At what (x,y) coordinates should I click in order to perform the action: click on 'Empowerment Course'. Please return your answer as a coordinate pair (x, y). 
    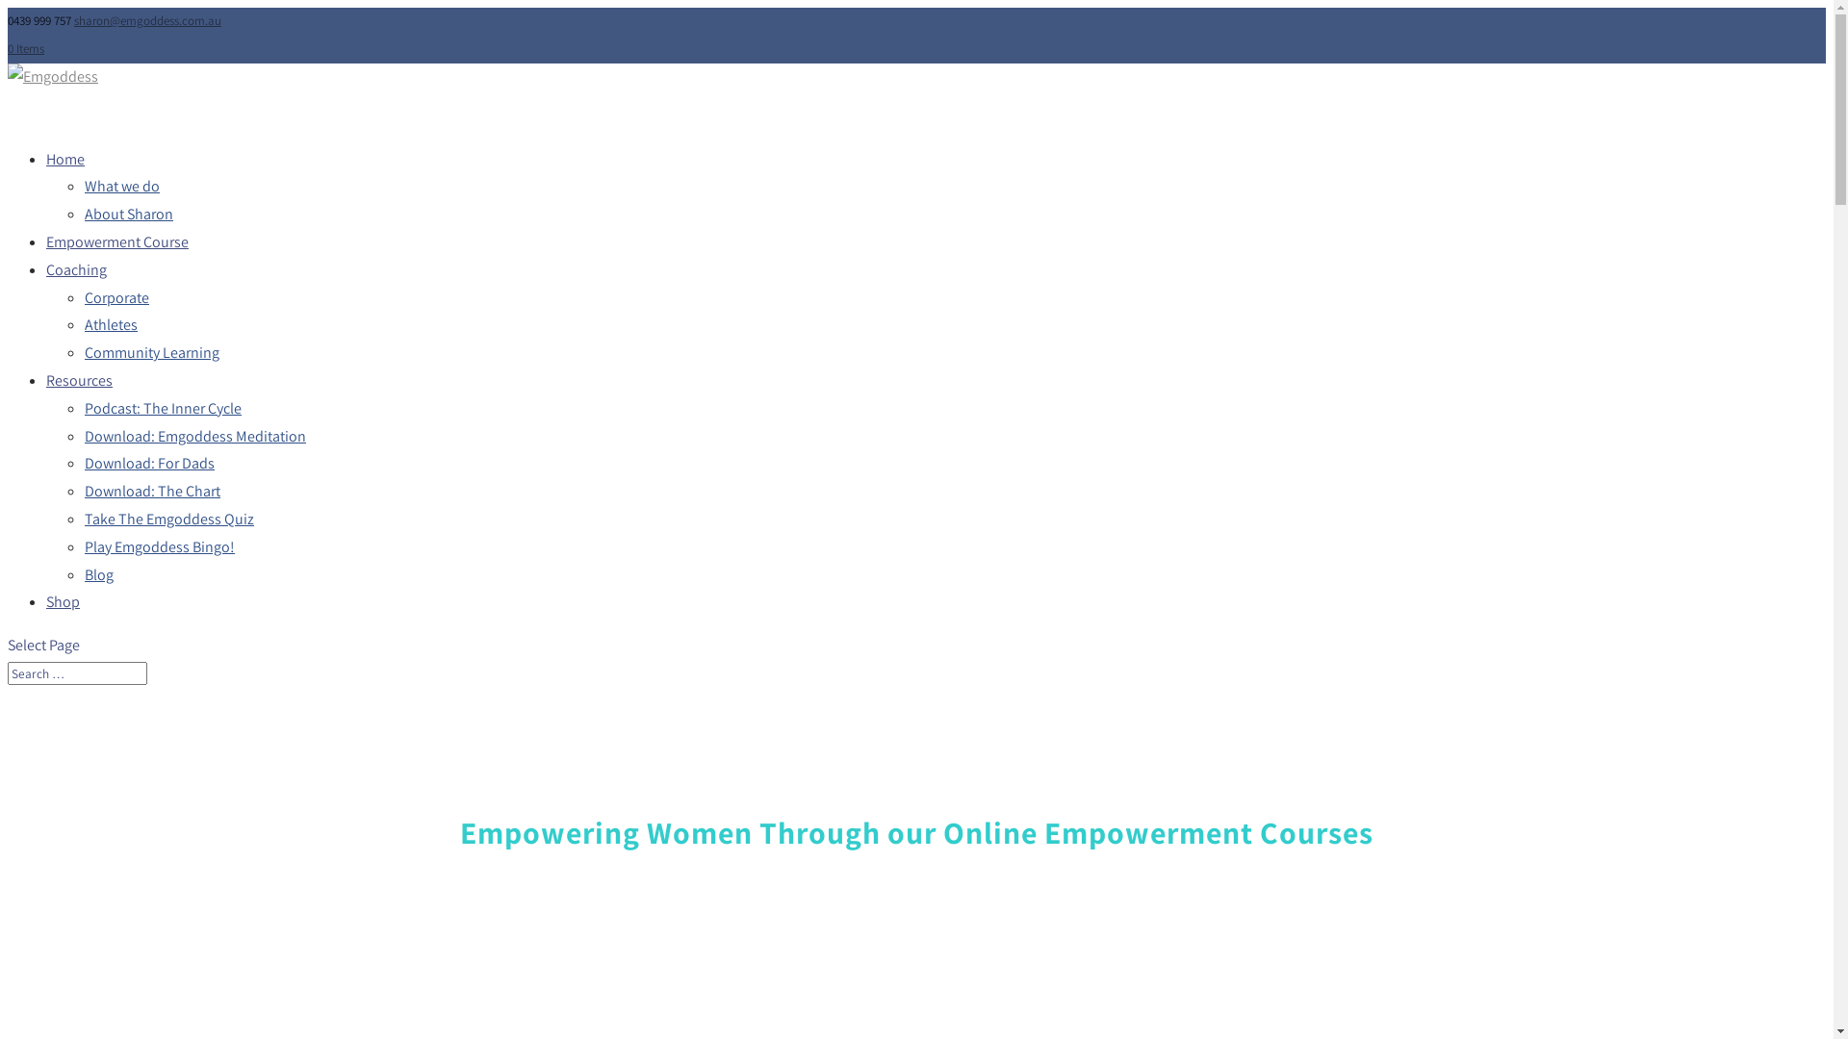
    Looking at the image, I should click on (115, 247).